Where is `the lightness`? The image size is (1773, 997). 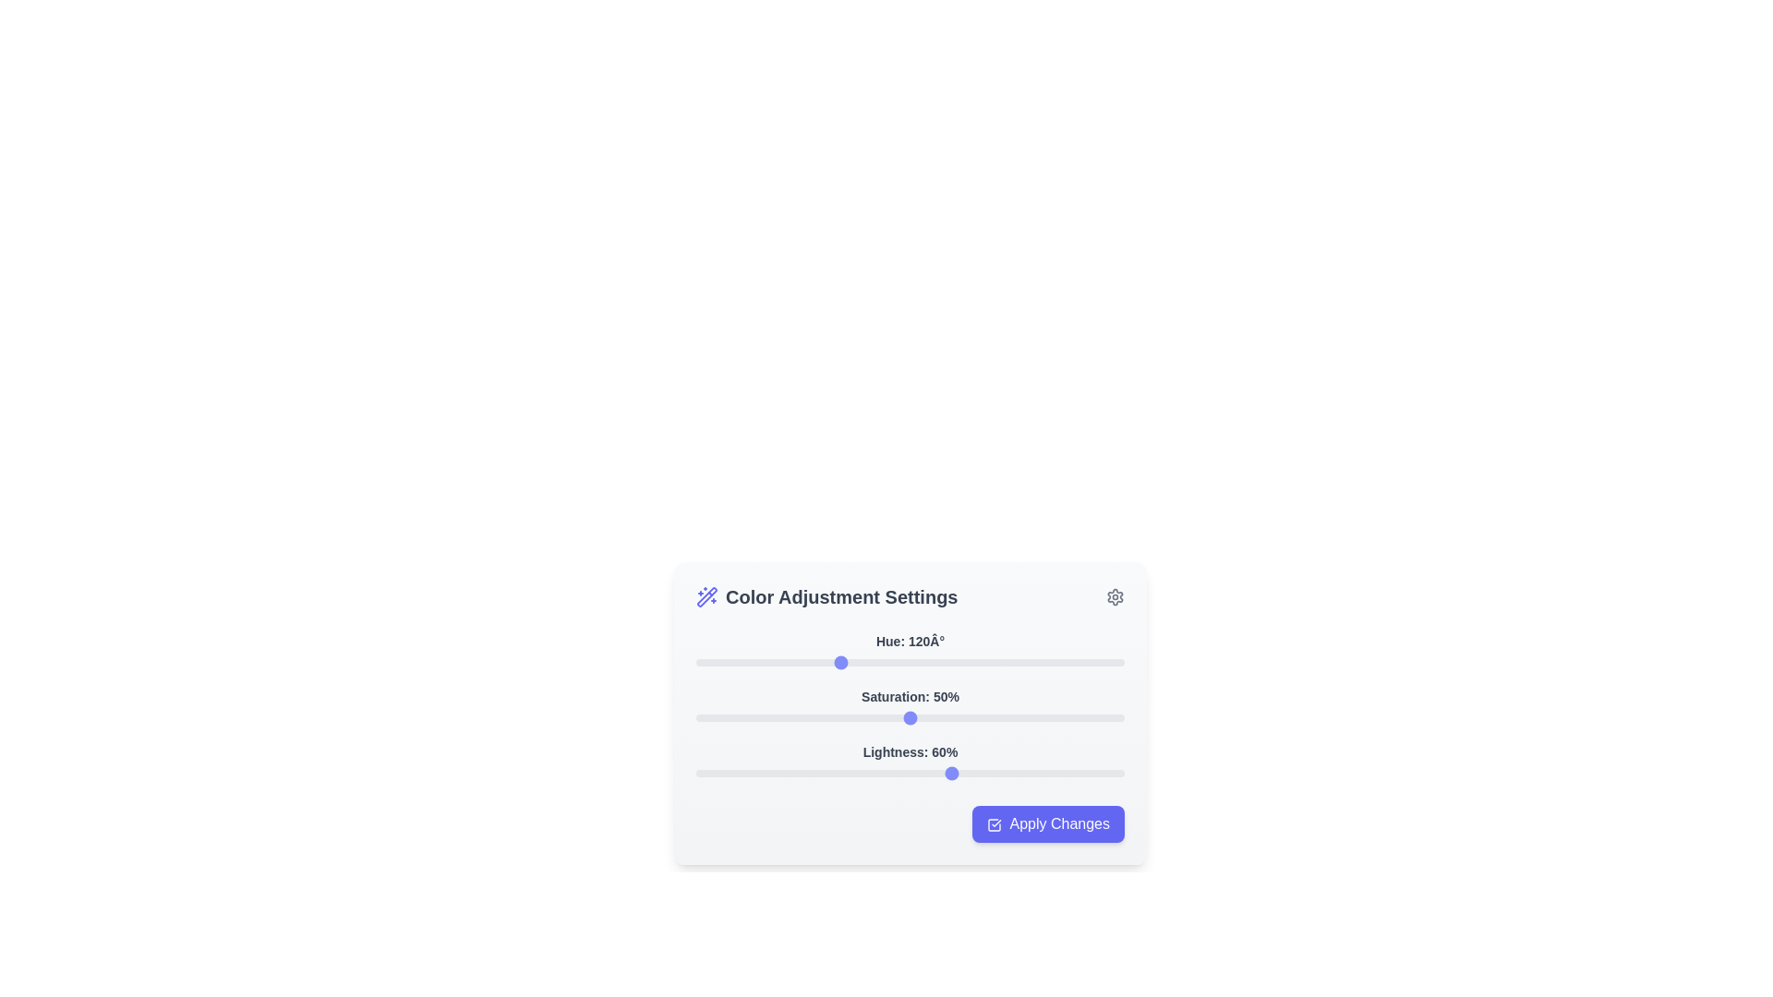 the lightness is located at coordinates (906, 773).